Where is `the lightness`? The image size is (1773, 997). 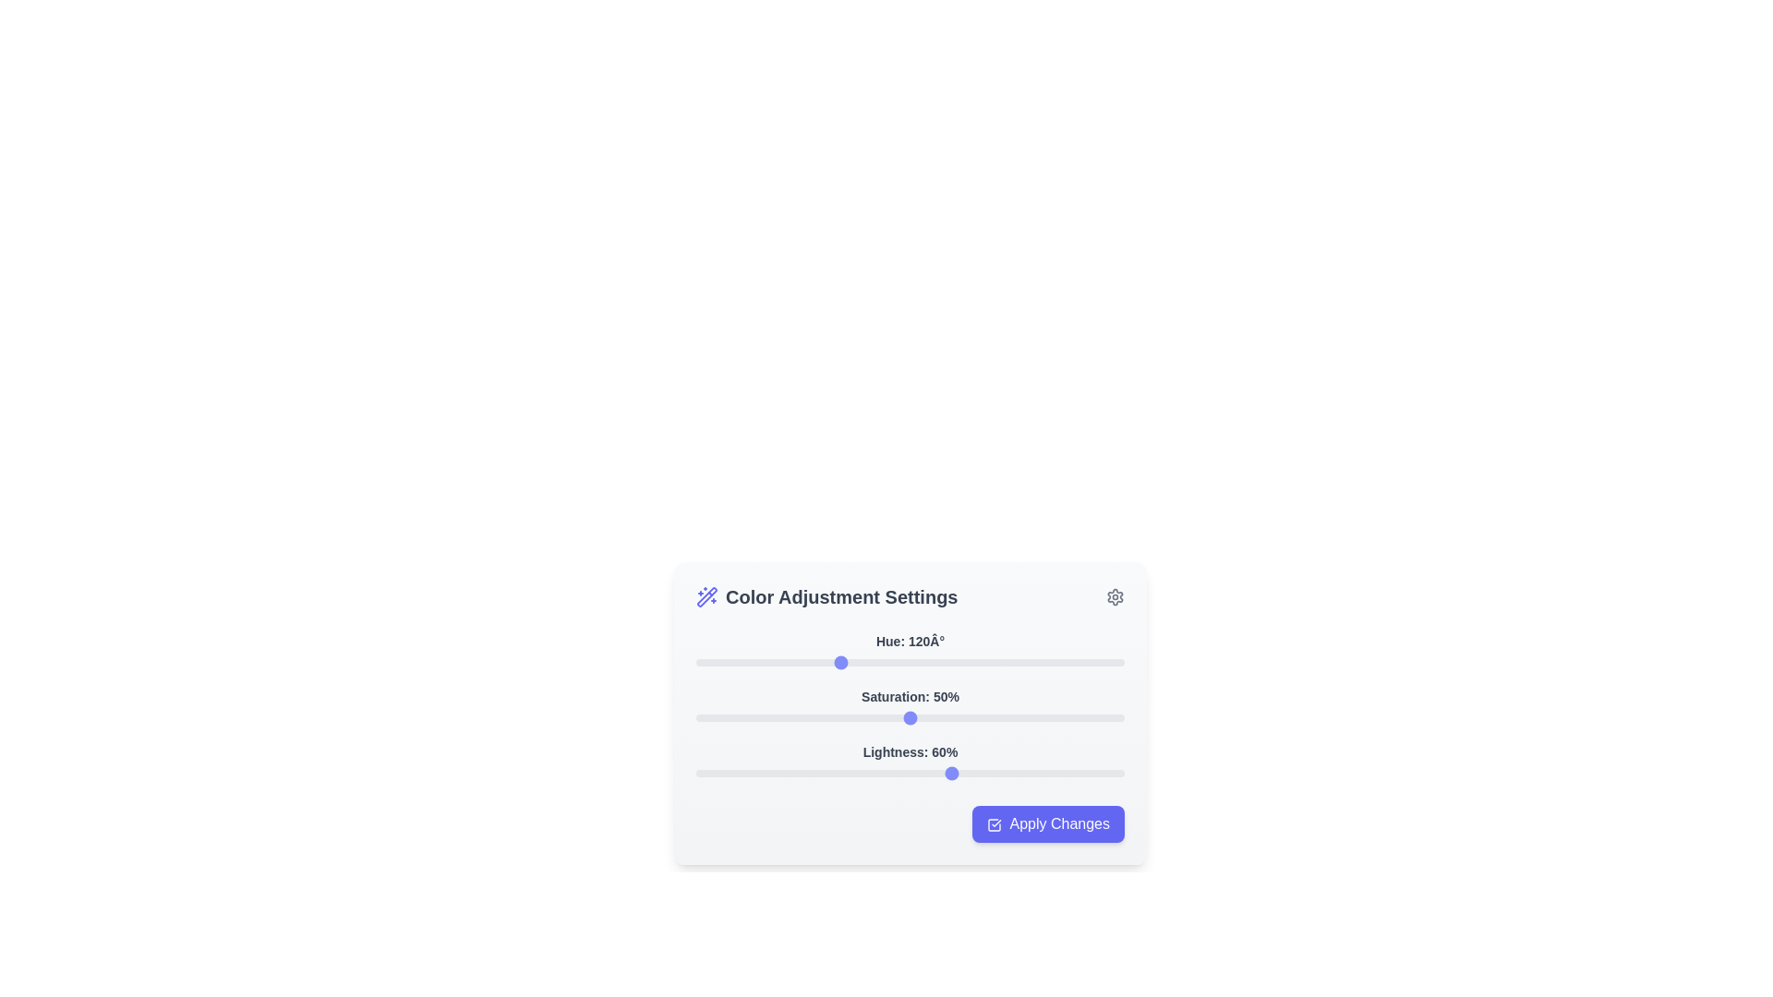 the lightness is located at coordinates (906, 773).